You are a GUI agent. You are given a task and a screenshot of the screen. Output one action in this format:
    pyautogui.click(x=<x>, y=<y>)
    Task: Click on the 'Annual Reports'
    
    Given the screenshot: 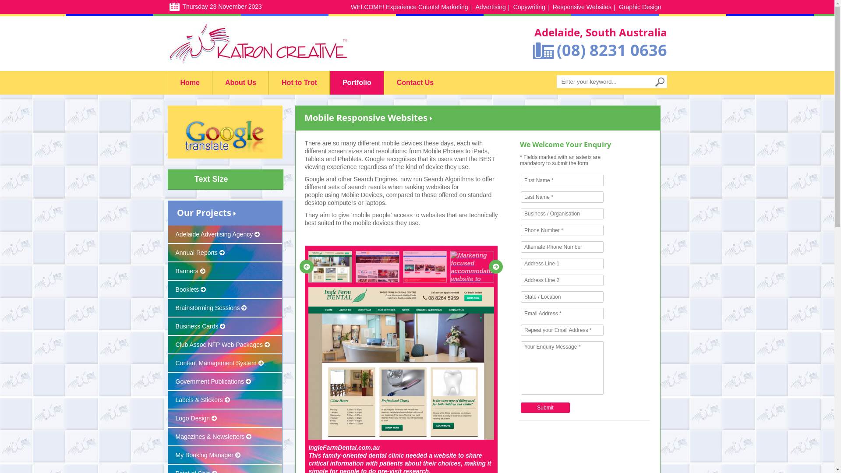 What is the action you would take?
    pyautogui.click(x=168, y=253)
    